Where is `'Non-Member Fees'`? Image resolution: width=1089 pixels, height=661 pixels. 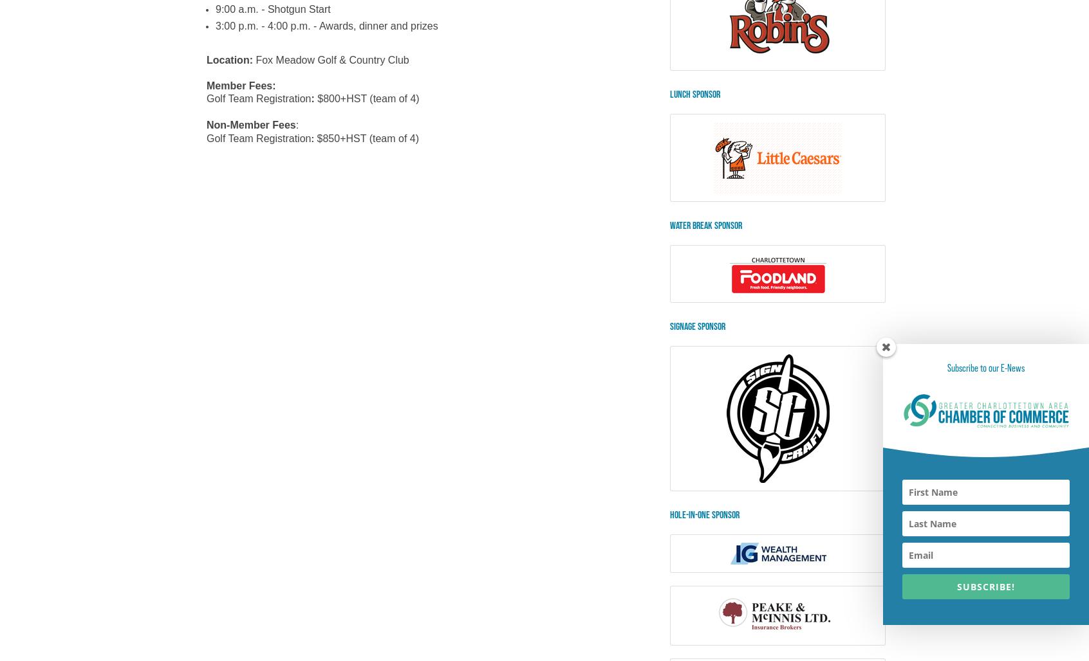
'Non-Member Fees' is located at coordinates (251, 124).